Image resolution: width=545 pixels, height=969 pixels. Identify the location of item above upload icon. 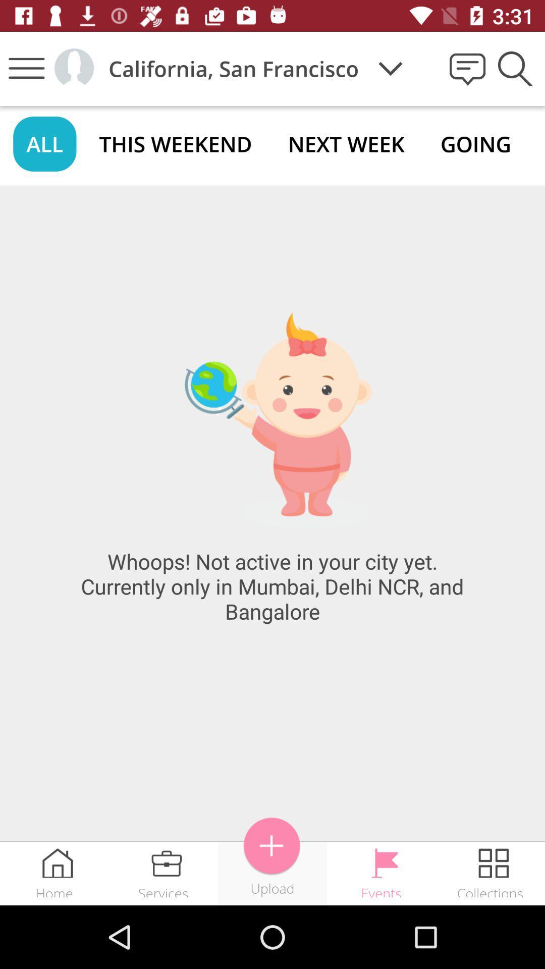
(271, 846).